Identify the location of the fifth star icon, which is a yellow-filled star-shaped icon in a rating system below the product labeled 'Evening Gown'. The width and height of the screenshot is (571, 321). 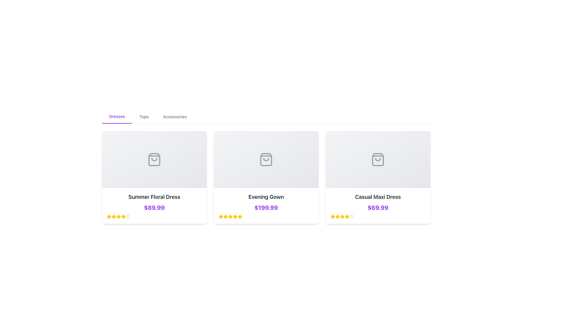
(230, 217).